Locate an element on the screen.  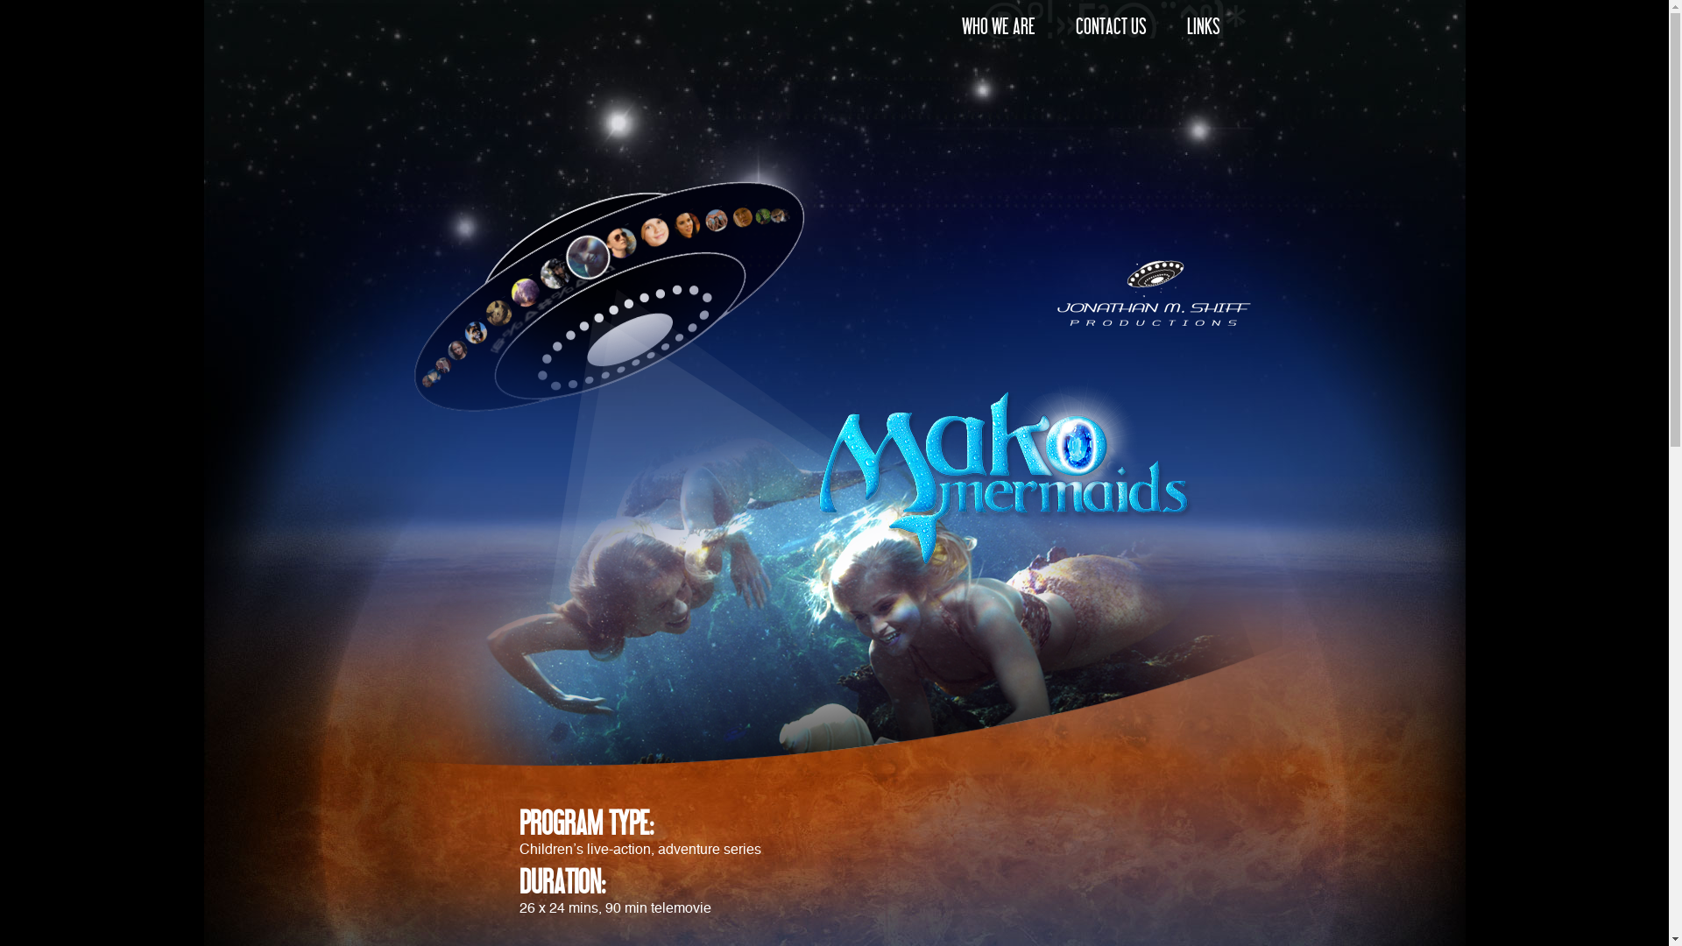
'LINKS' is located at coordinates (1201, 27).